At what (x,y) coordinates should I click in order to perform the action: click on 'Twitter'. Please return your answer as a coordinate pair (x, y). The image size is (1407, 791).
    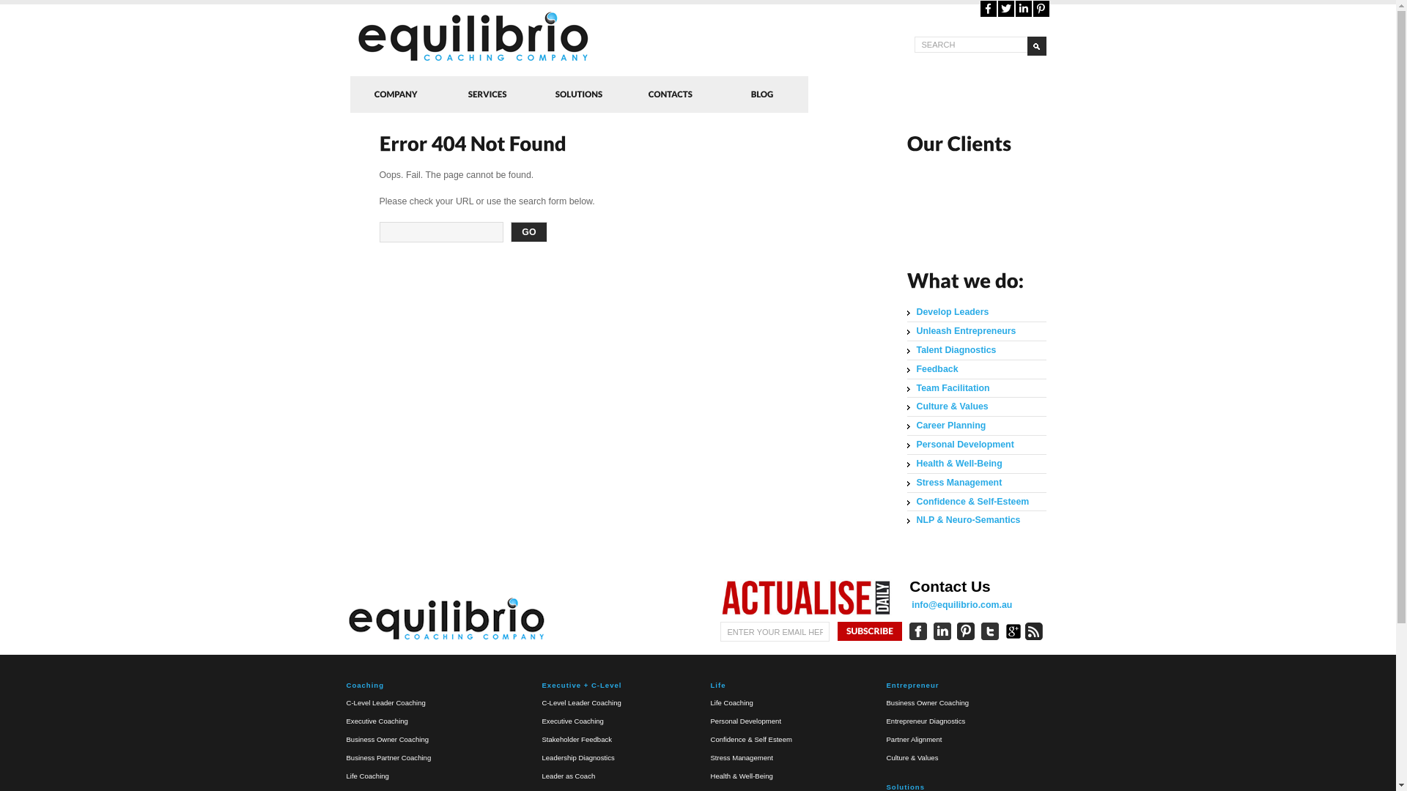
    Looking at the image, I should click on (1005, 8).